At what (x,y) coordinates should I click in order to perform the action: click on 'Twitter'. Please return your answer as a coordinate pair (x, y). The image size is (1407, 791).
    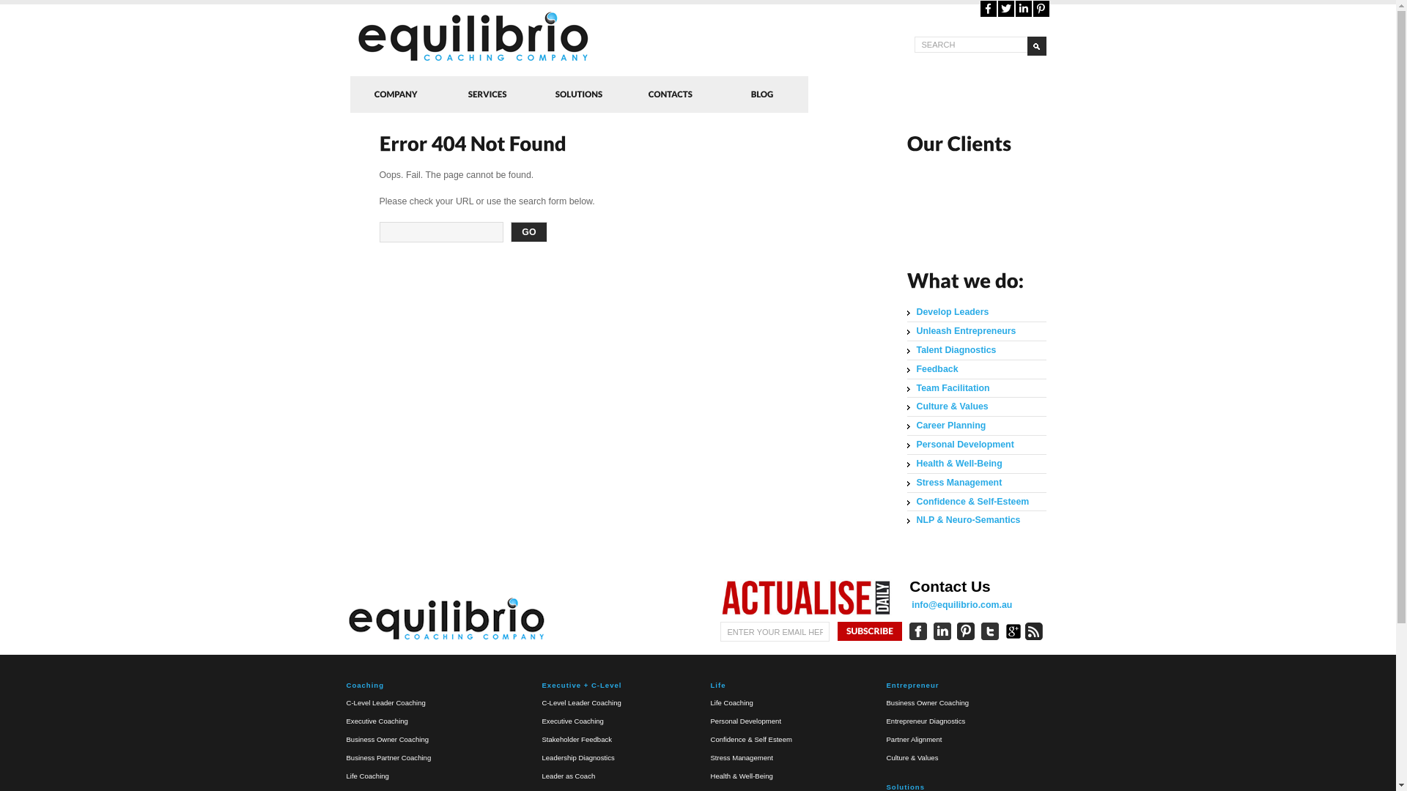
    Looking at the image, I should click on (1005, 8).